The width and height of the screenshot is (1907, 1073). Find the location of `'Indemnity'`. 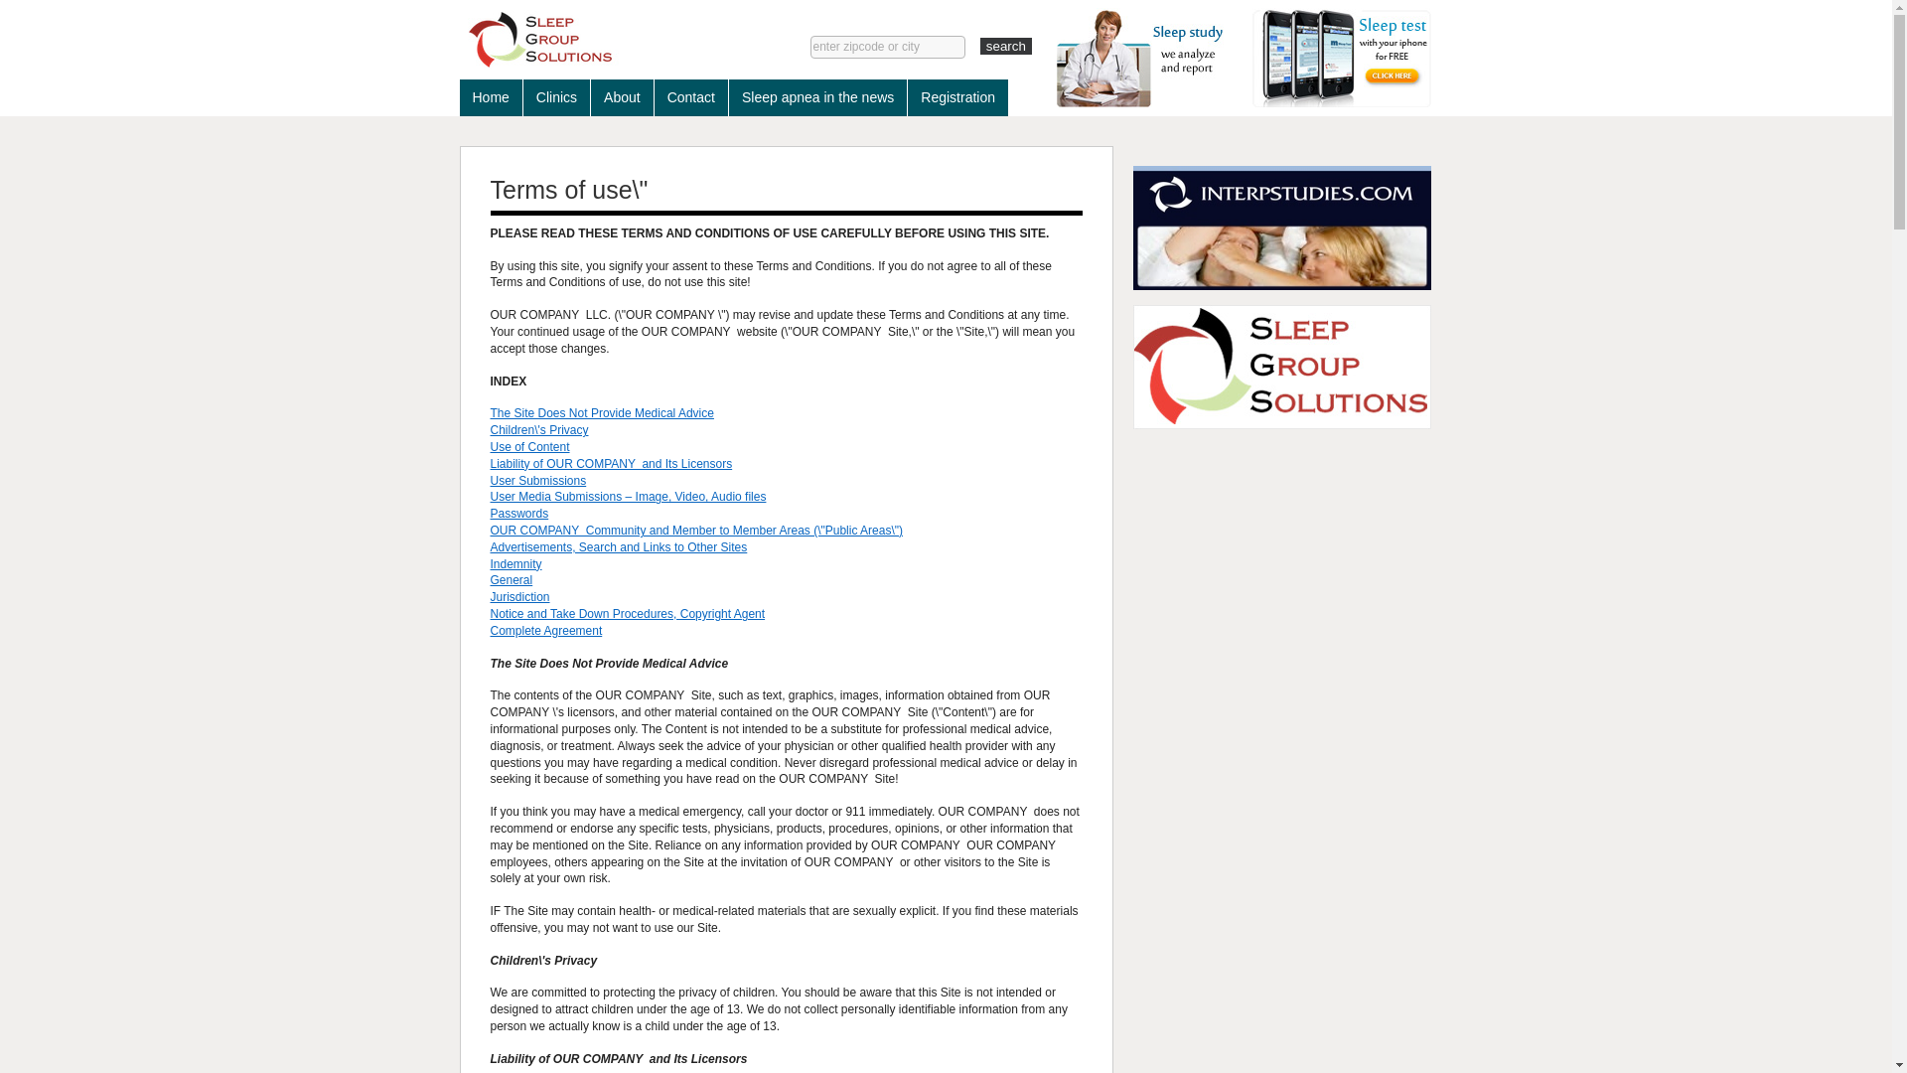

'Indemnity' is located at coordinates (515, 563).